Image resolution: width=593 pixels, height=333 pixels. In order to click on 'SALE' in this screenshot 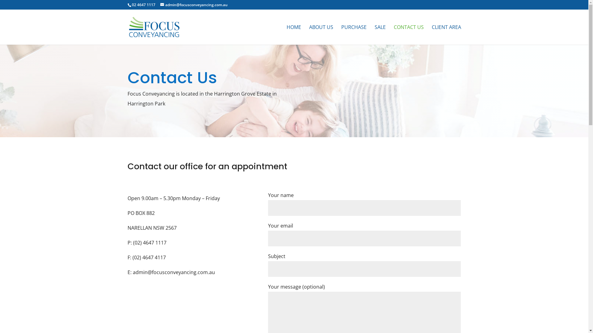, I will do `click(374, 35)`.